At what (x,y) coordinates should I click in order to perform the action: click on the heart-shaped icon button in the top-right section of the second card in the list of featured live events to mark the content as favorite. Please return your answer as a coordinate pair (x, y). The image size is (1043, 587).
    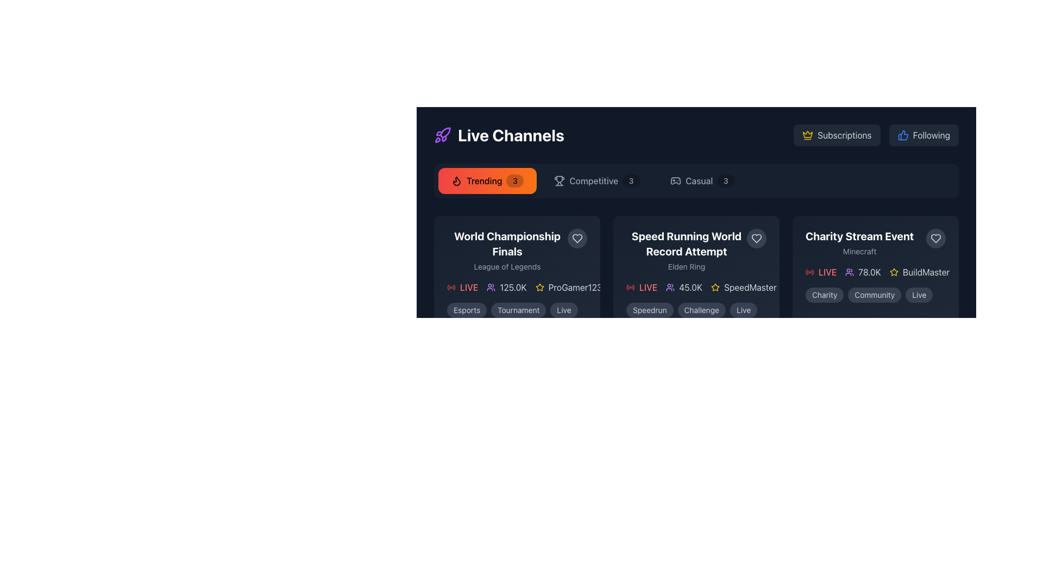
    Looking at the image, I should click on (935, 238).